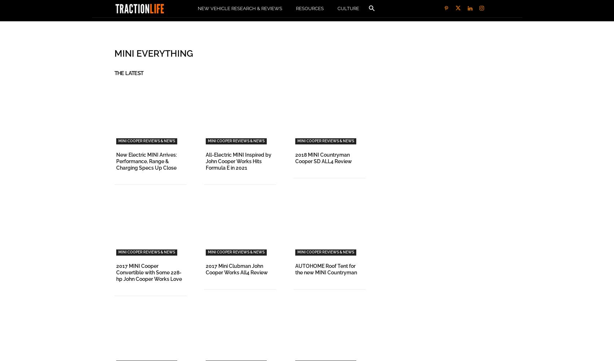  Describe the element at coordinates (153, 53) in the screenshot. I see `'MINI Everything'` at that location.